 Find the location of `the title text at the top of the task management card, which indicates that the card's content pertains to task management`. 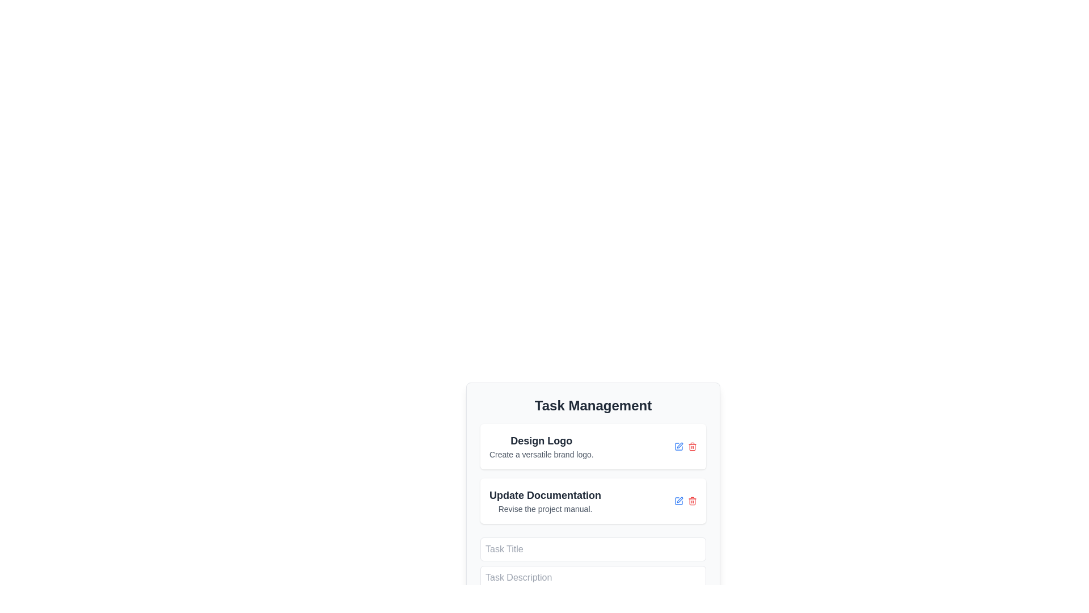

the title text at the top of the task management card, which indicates that the card's content pertains to task management is located at coordinates (593, 405).